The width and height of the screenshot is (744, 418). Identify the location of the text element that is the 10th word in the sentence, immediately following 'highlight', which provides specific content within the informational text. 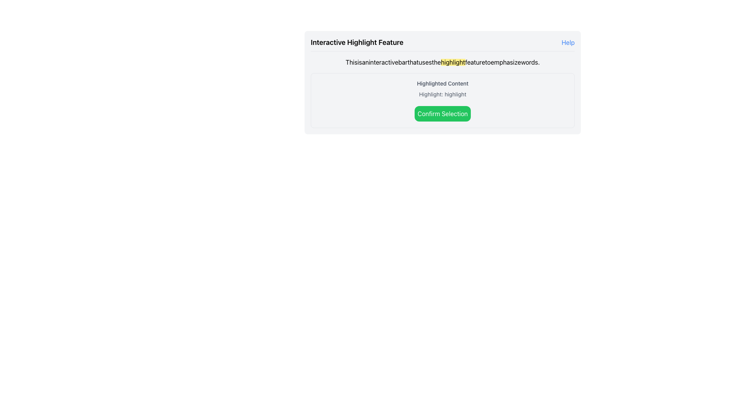
(475, 62).